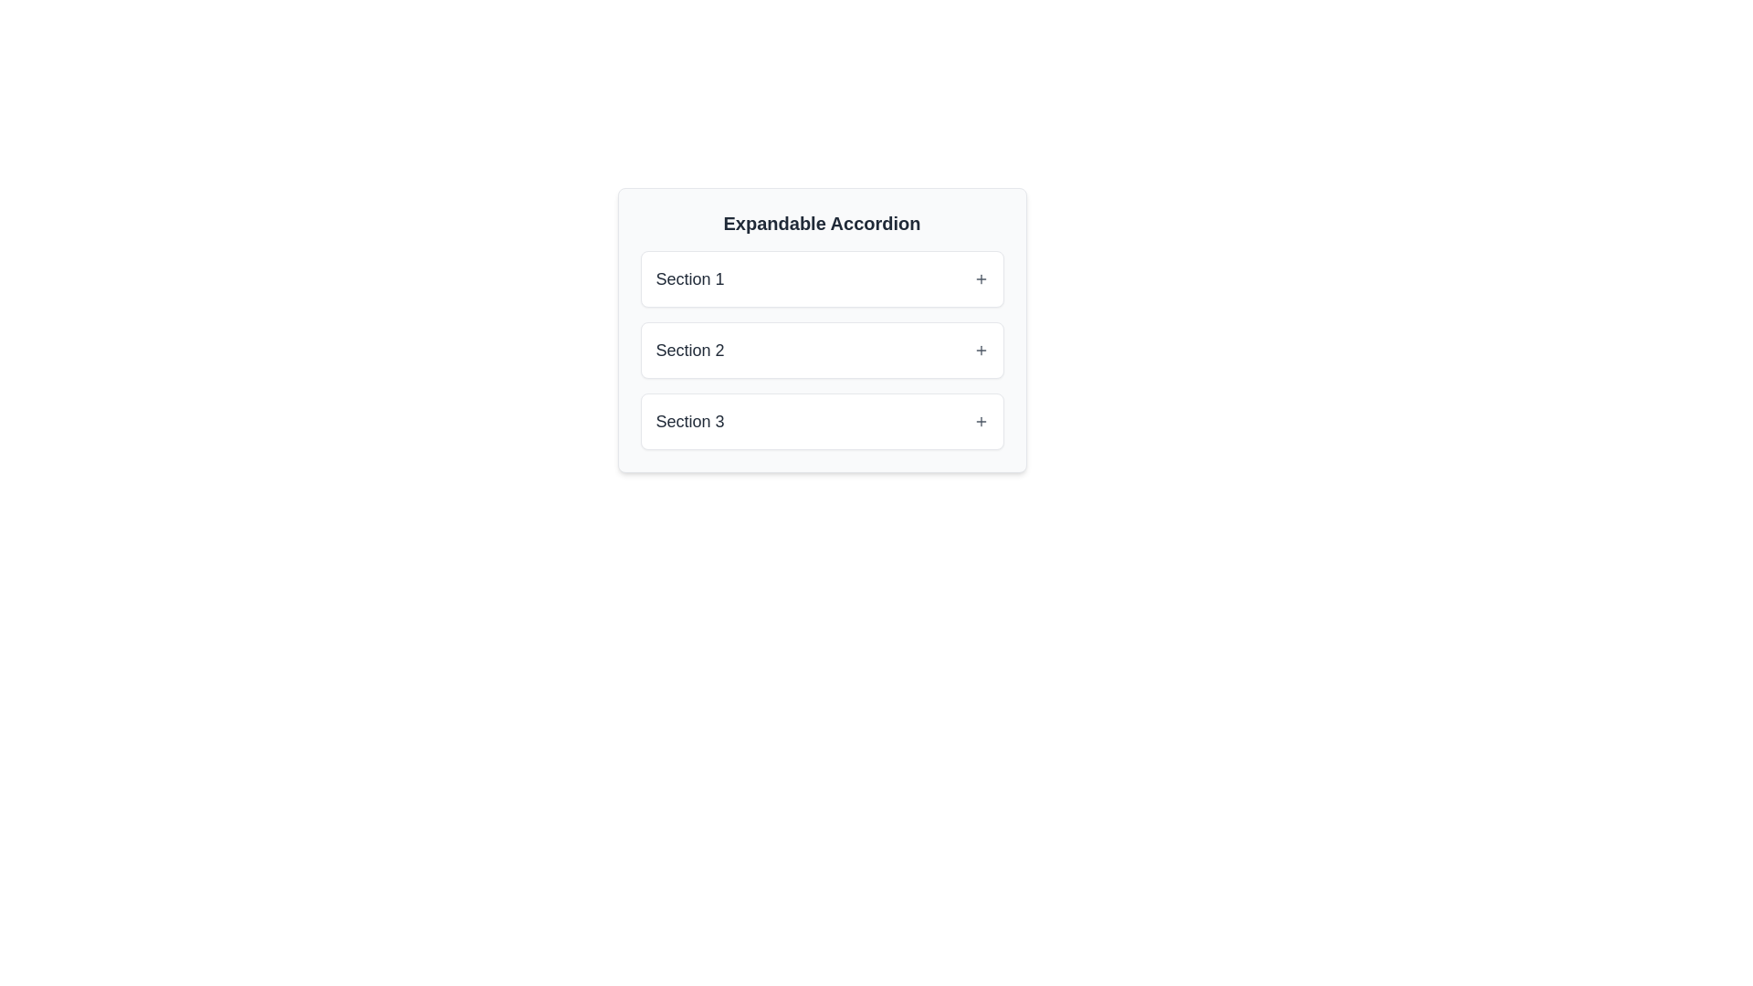  I want to click on the informational text label indicating the title of the third section in the accordion, located on the left side of the row with the '+' button, so click(689, 422).